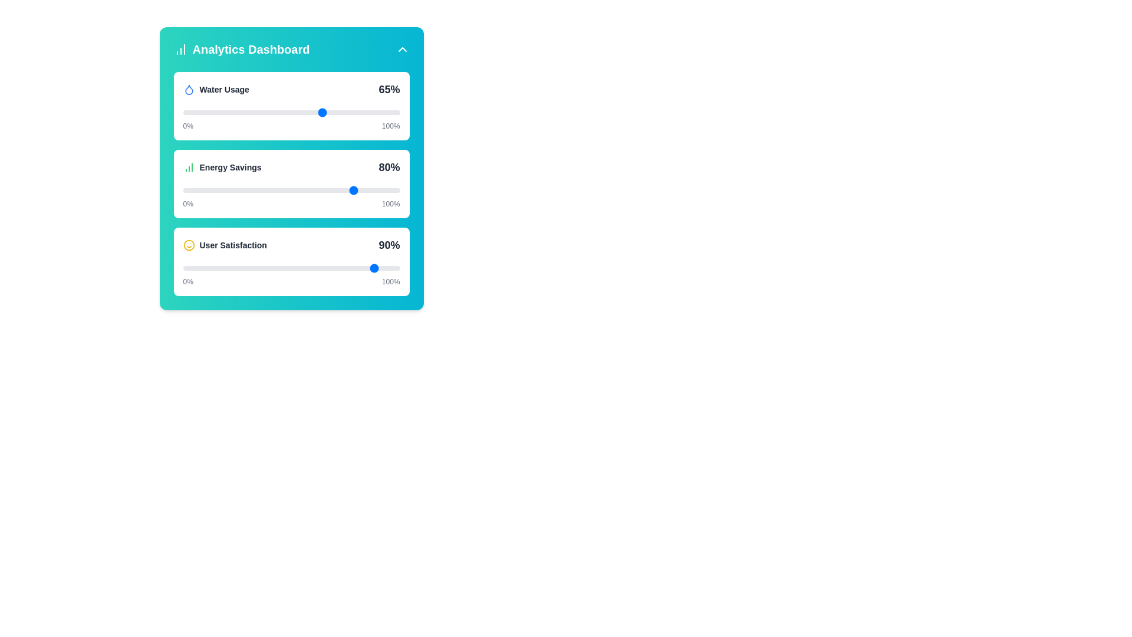 This screenshot has width=1132, height=637. I want to click on the Text label displaying '90%' in a bold, large font, which signifies importance and is aligned with the label 'User Satisfaction' on its left, so click(389, 245).